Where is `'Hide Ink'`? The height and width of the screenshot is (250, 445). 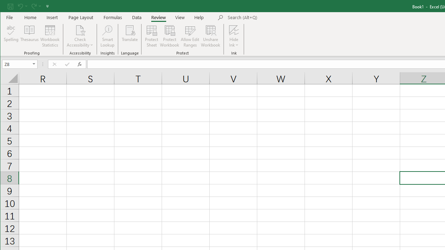 'Hide Ink' is located at coordinates (234, 30).